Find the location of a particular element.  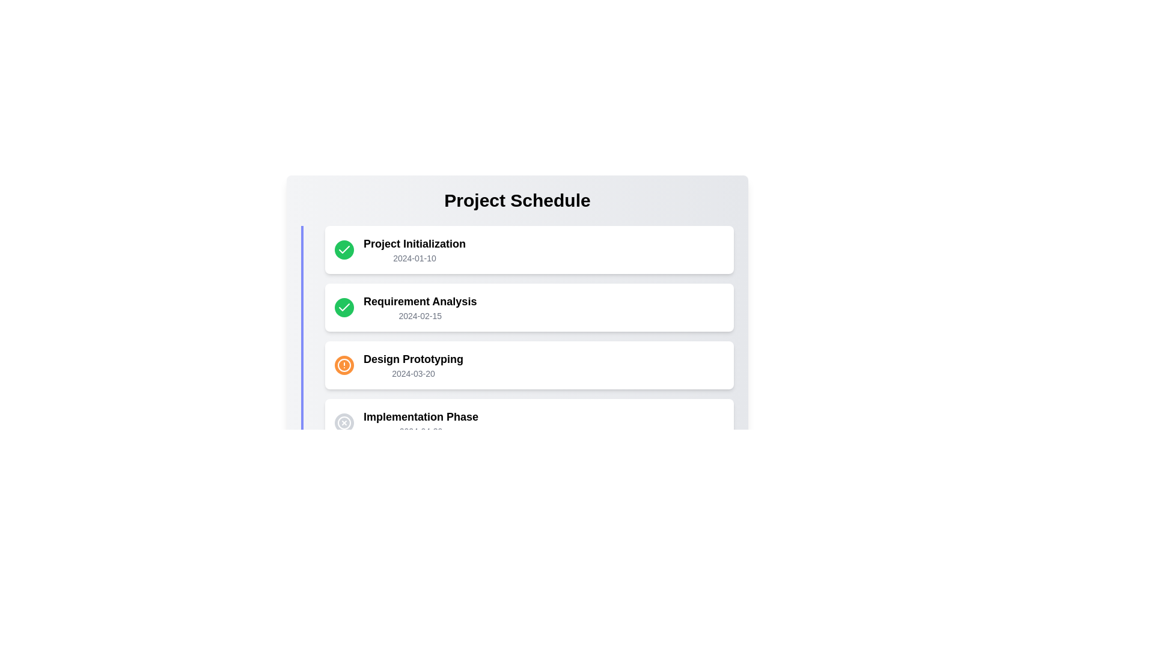

the completion icon within the green circular background indicating successful completion of the 'Requirement Analysis' project phase is located at coordinates (343, 249).